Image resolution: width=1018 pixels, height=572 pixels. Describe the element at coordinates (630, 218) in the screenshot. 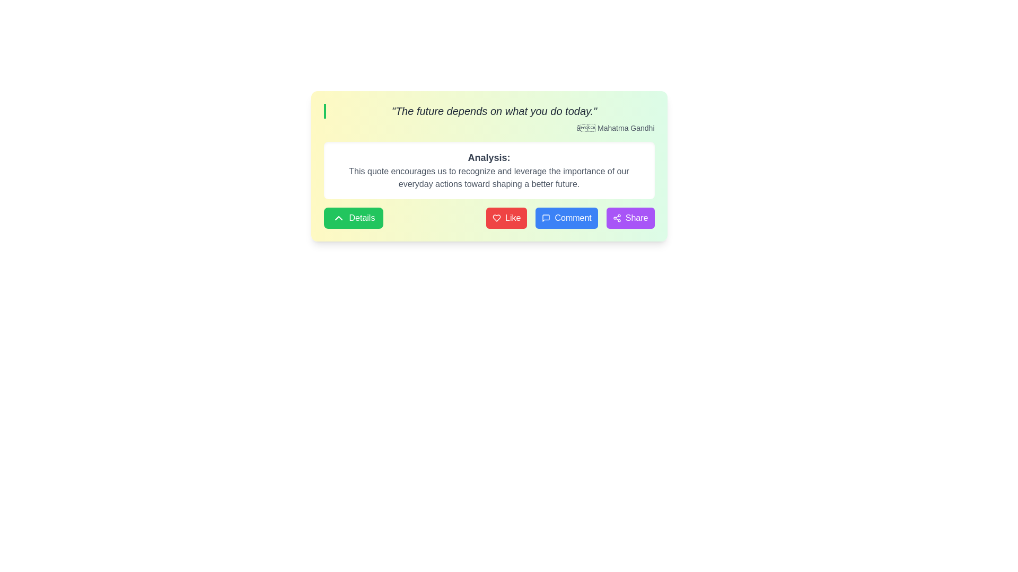

I see `the 'Share' button, which is the third button in a group of three buttons labeled 'Like', 'Comment', and 'Share', located at the bottom-right of the section containing the quote and analysis, to initiate sharing the content` at that location.